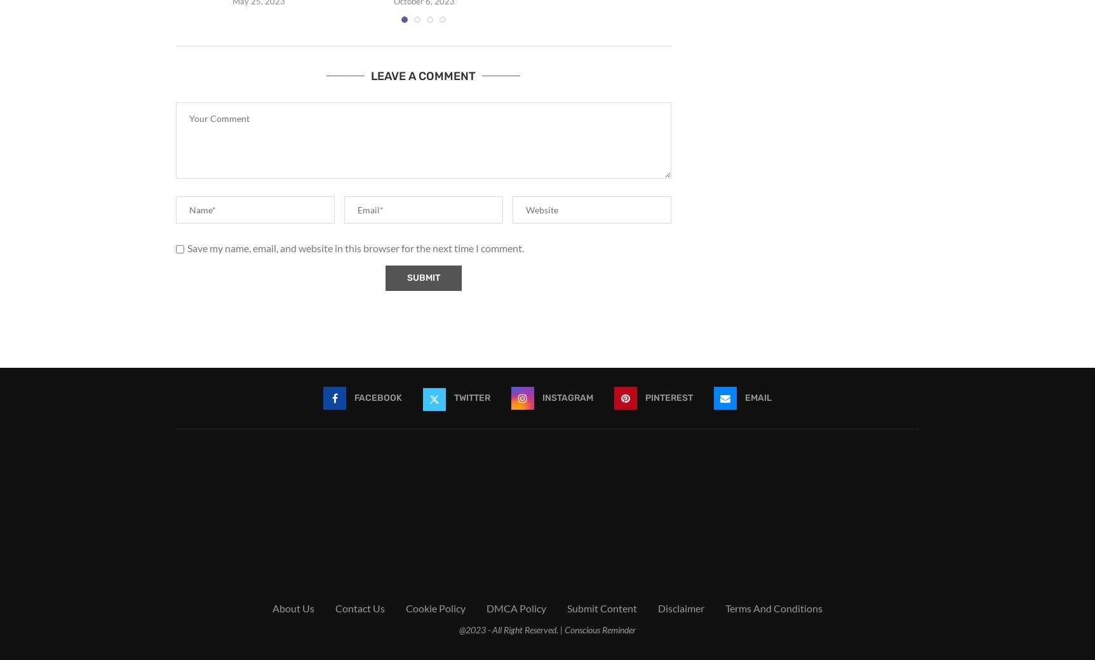  I want to click on 'Submit Content', so click(601, 608).